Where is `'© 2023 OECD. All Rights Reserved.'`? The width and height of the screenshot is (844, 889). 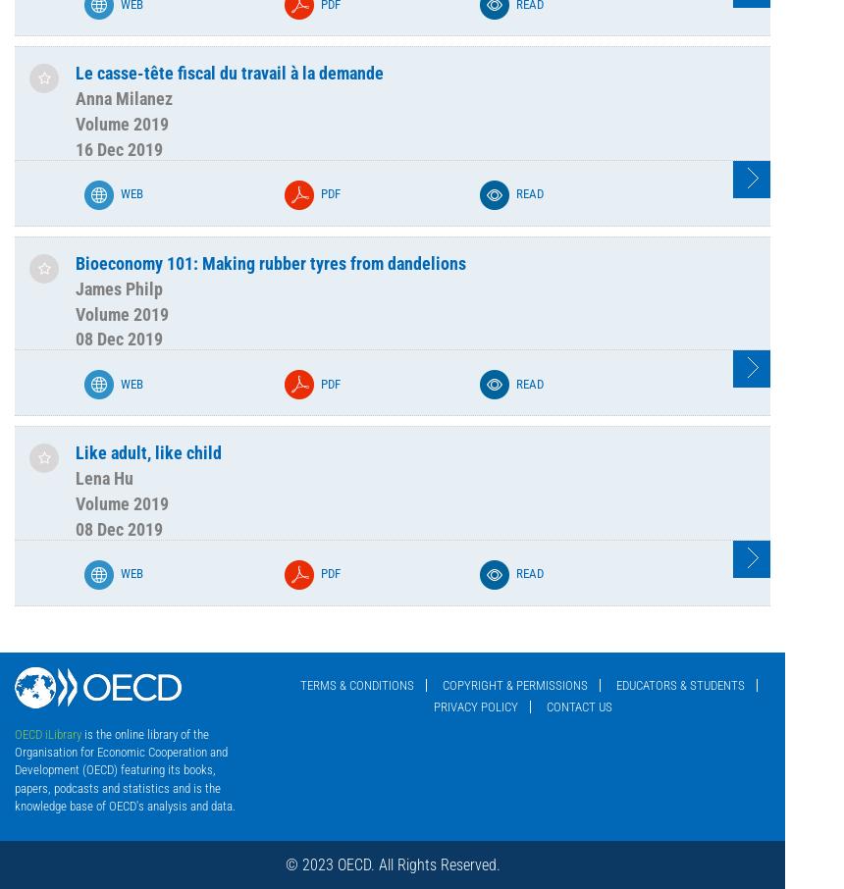 '© 2023 OECD. All Rights Reserved.' is located at coordinates (283, 864).